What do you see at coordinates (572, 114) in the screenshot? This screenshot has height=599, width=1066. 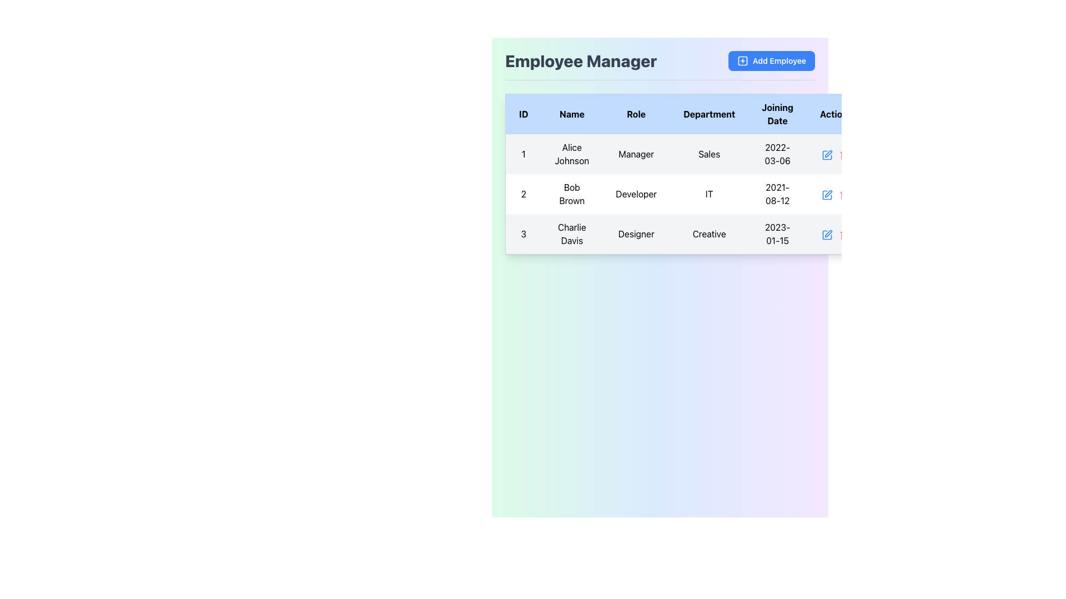 I see `the 'Name' column header in the table, which is located between the 'ID' and 'Role' columns at the top row` at bounding box center [572, 114].